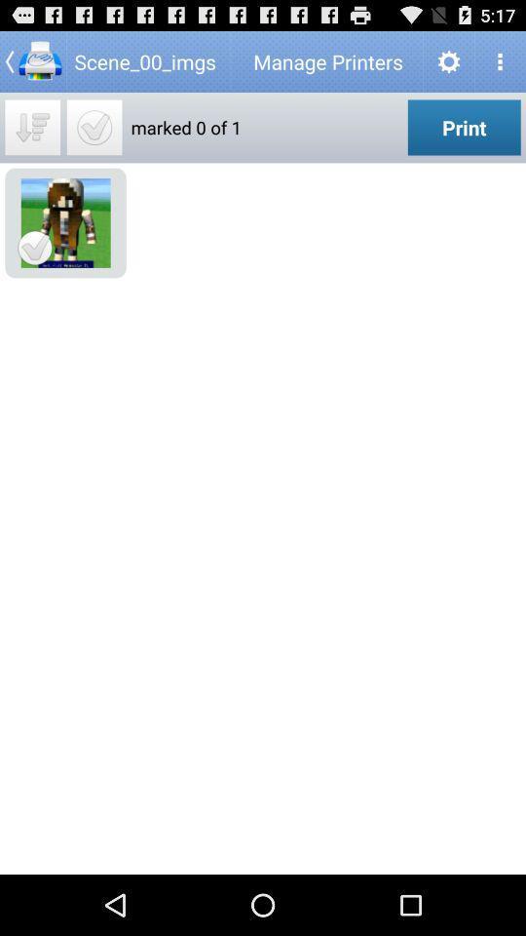  I want to click on download button, so click(31, 126).